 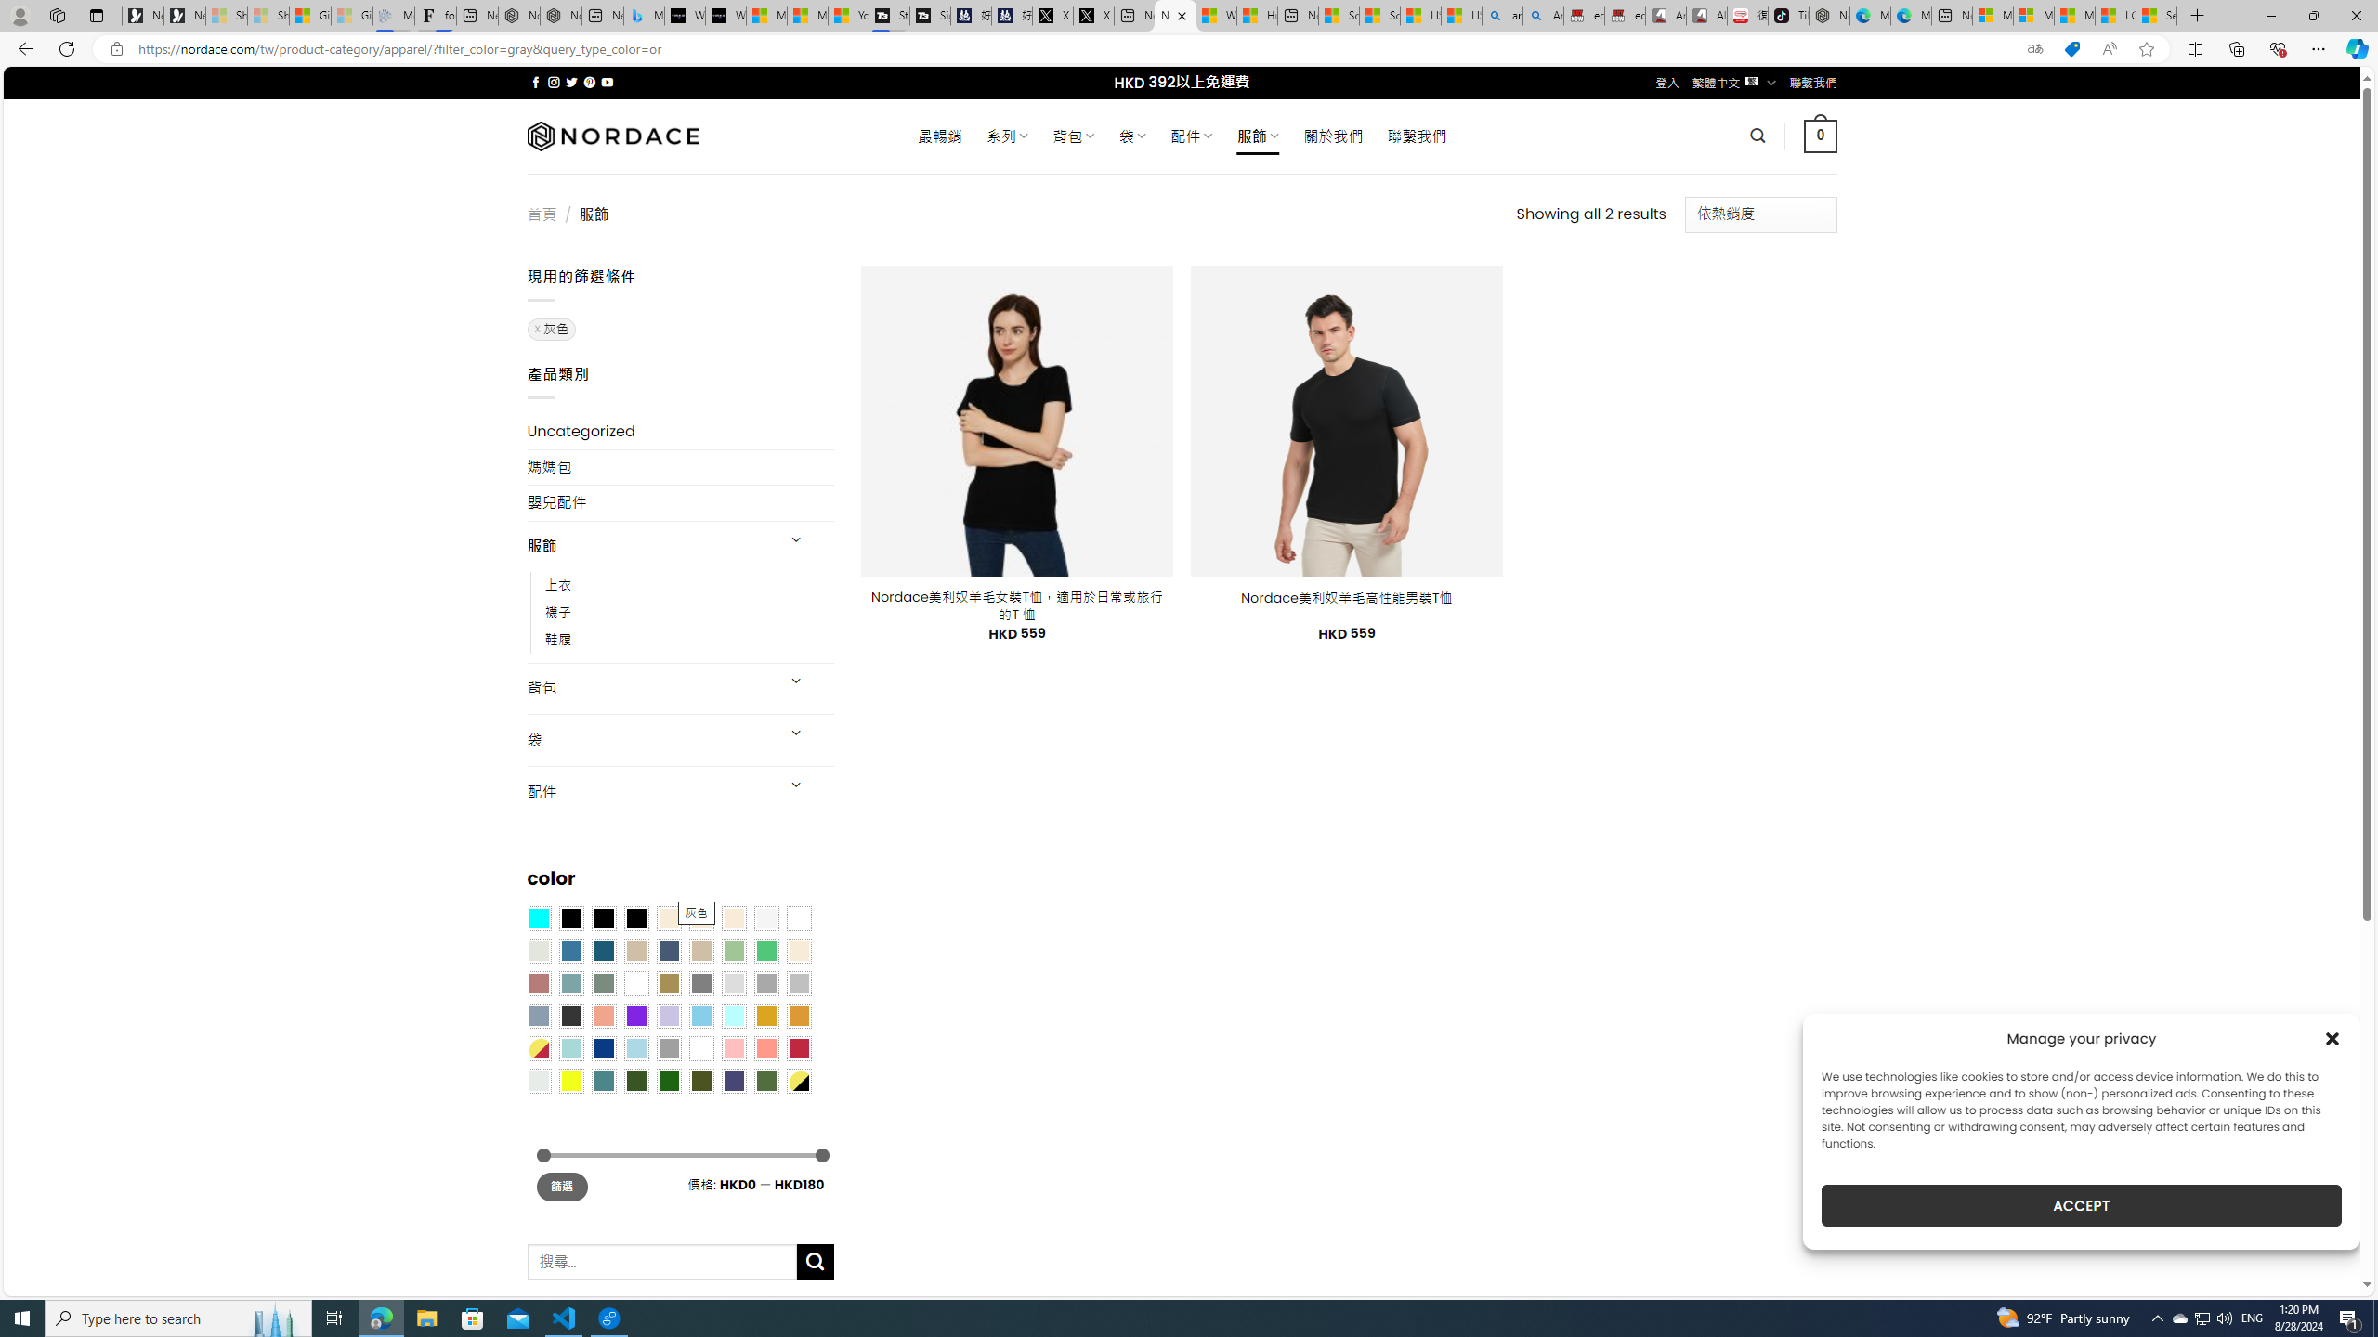 I want to click on 'Follow on Facebook', so click(x=535, y=82).